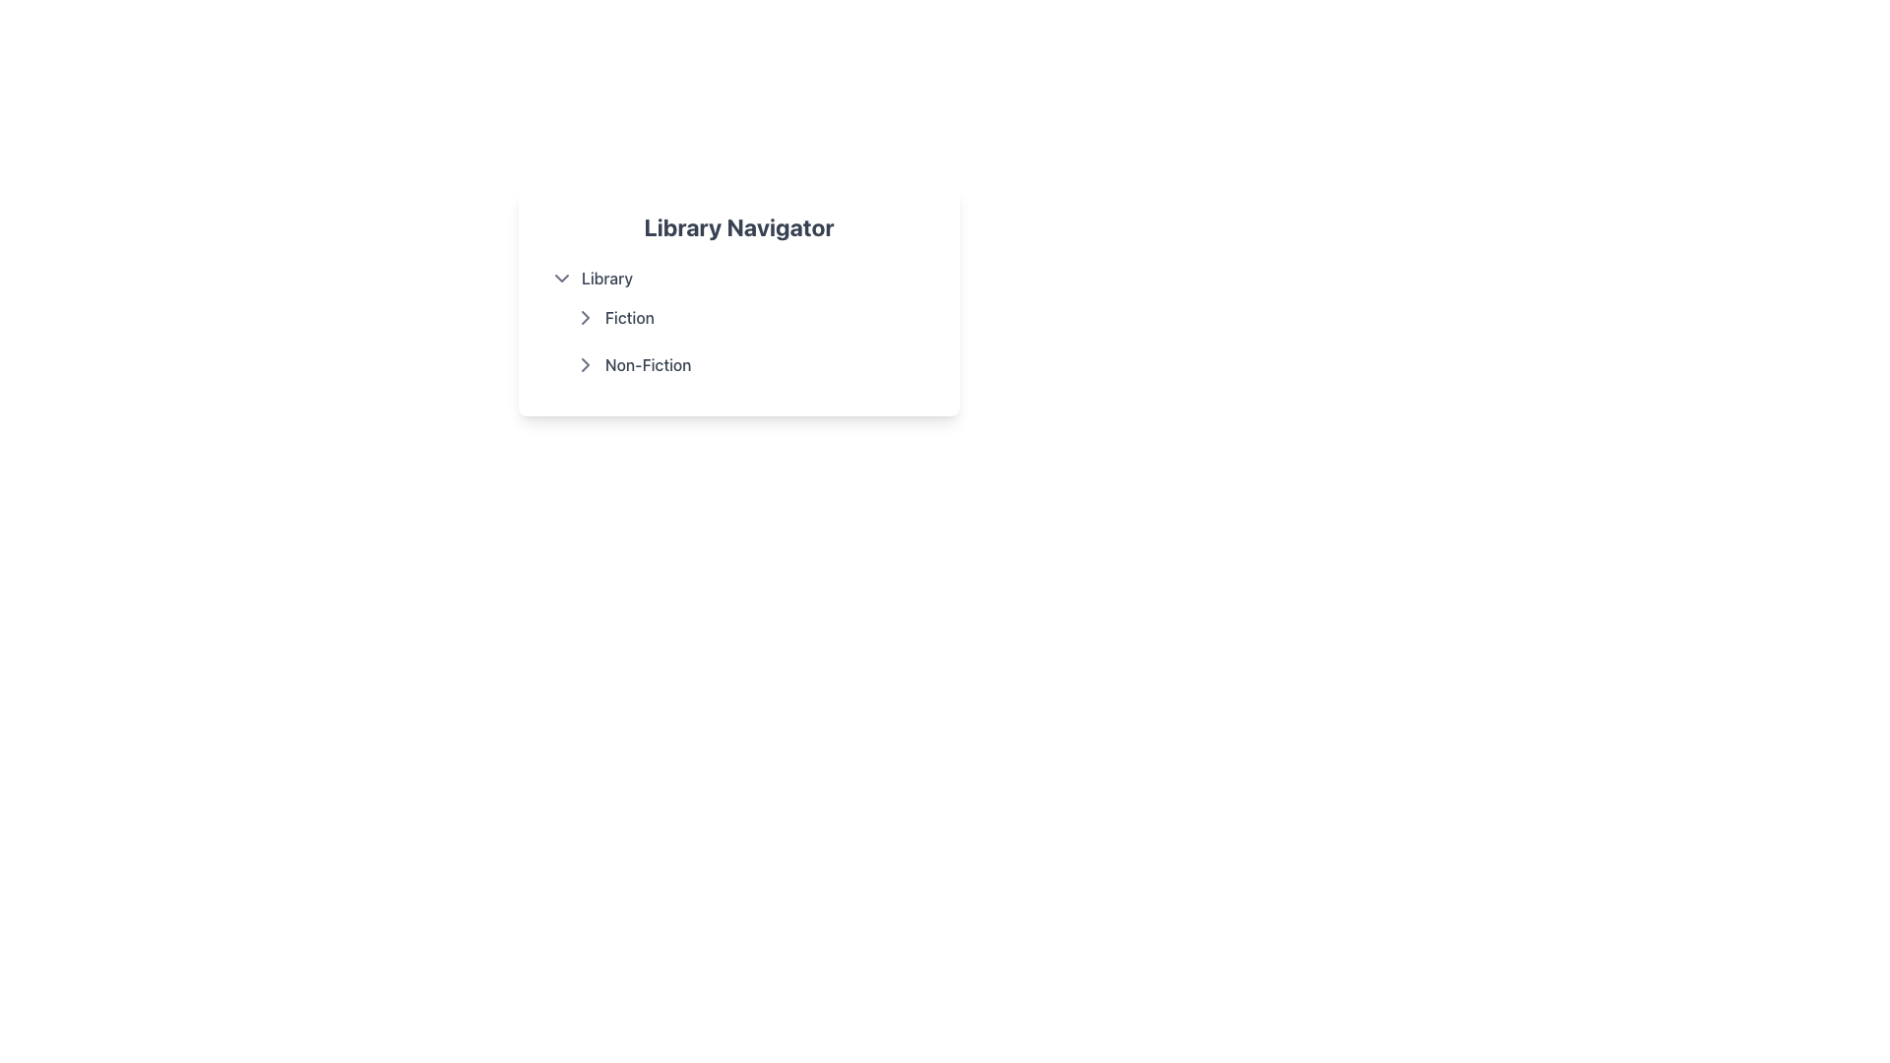  What do you see at coordinates (606, 278) in the screenshot?
I see `the 'Library' text label which indicates the navigation item in the interface, positioned to the right of the chevron icon` at bounding box center [606, 278].